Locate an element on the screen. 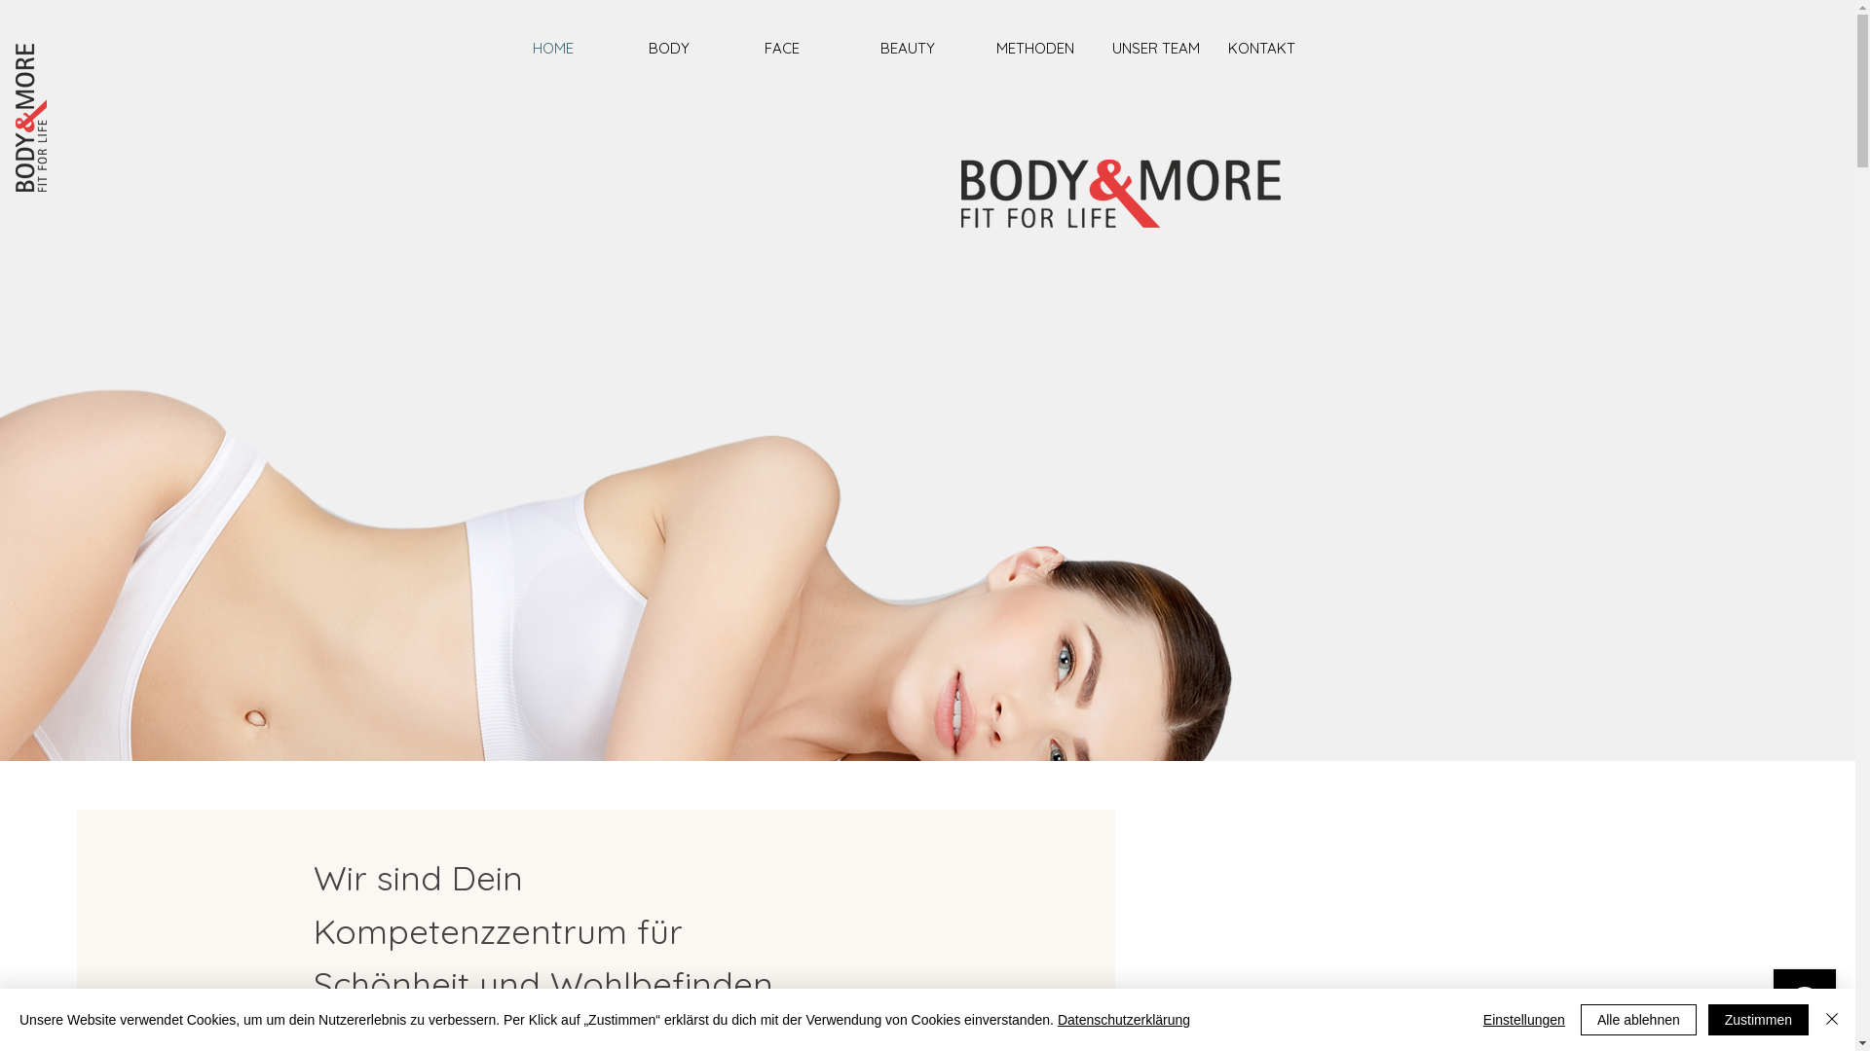  'Zustimmen' is located at coordinates (1758, 1019).